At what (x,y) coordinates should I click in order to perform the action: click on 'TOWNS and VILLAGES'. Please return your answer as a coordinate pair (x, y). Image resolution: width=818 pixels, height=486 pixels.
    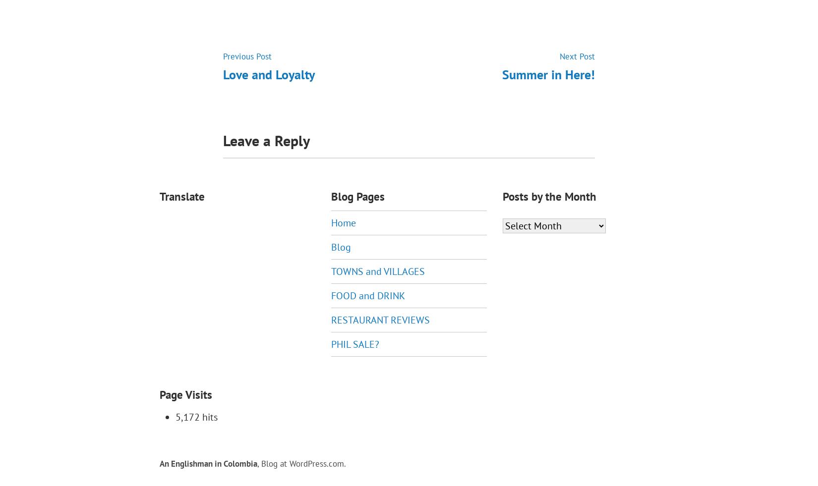
    Looking at the image, I should click on (330, 271).